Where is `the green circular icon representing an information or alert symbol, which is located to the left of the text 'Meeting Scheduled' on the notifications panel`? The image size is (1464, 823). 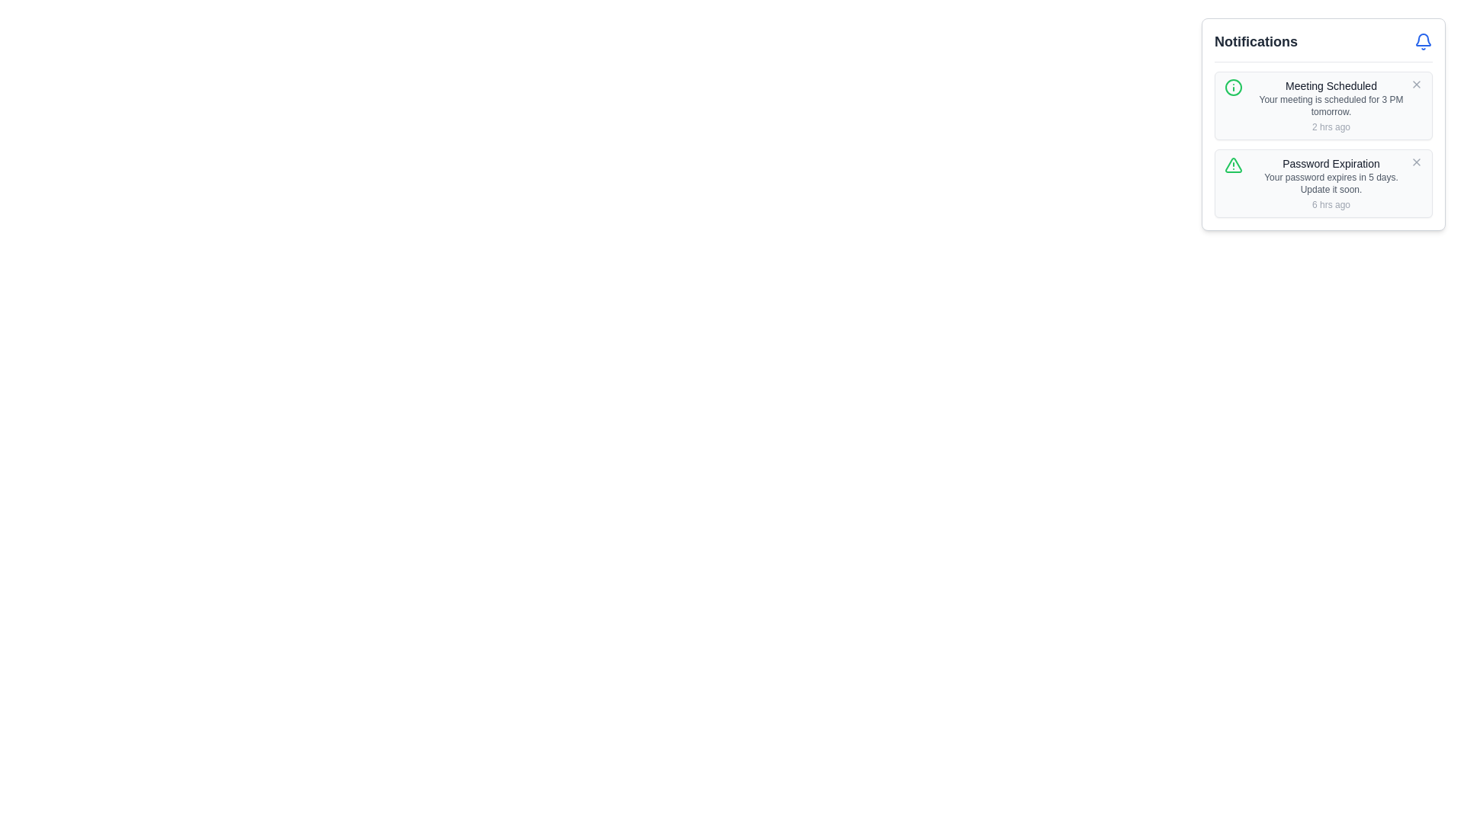
the green circular icon representing an information or alert symbol, which is located to the left of the text 'Meeting Scheduled' on the notifications panel is located at coordinates (1233, 88).